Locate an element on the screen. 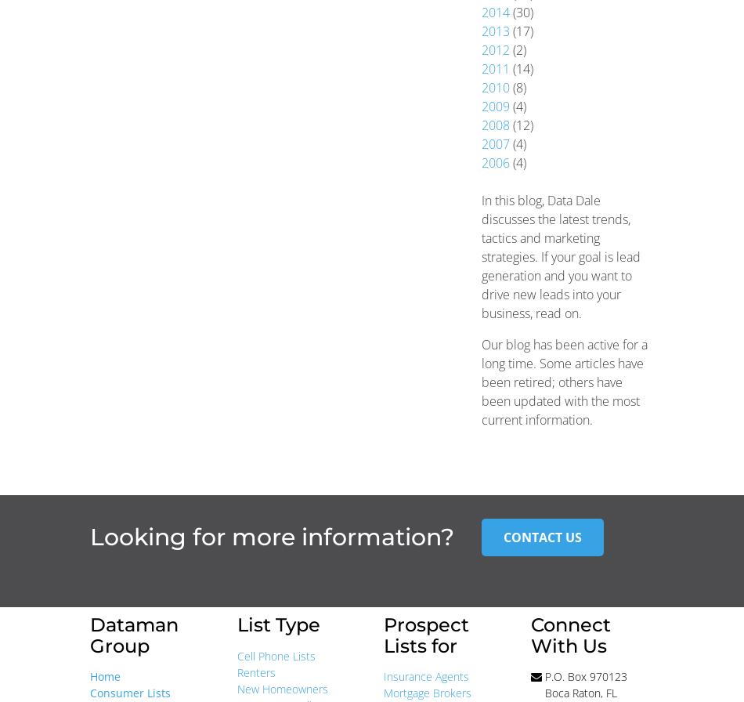 The image size is (744, 702). '2007' is located at coordinates (495, 144).